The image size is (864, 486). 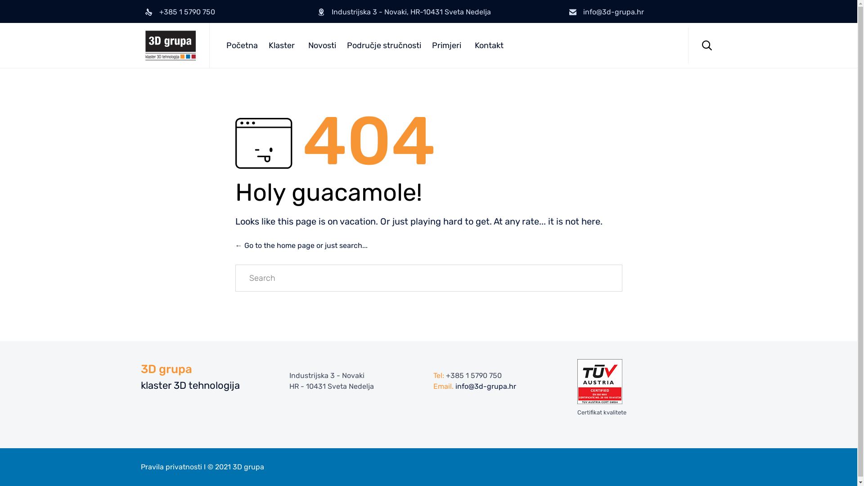 I want to click on 'Klaster', so click(x=282, y=45).